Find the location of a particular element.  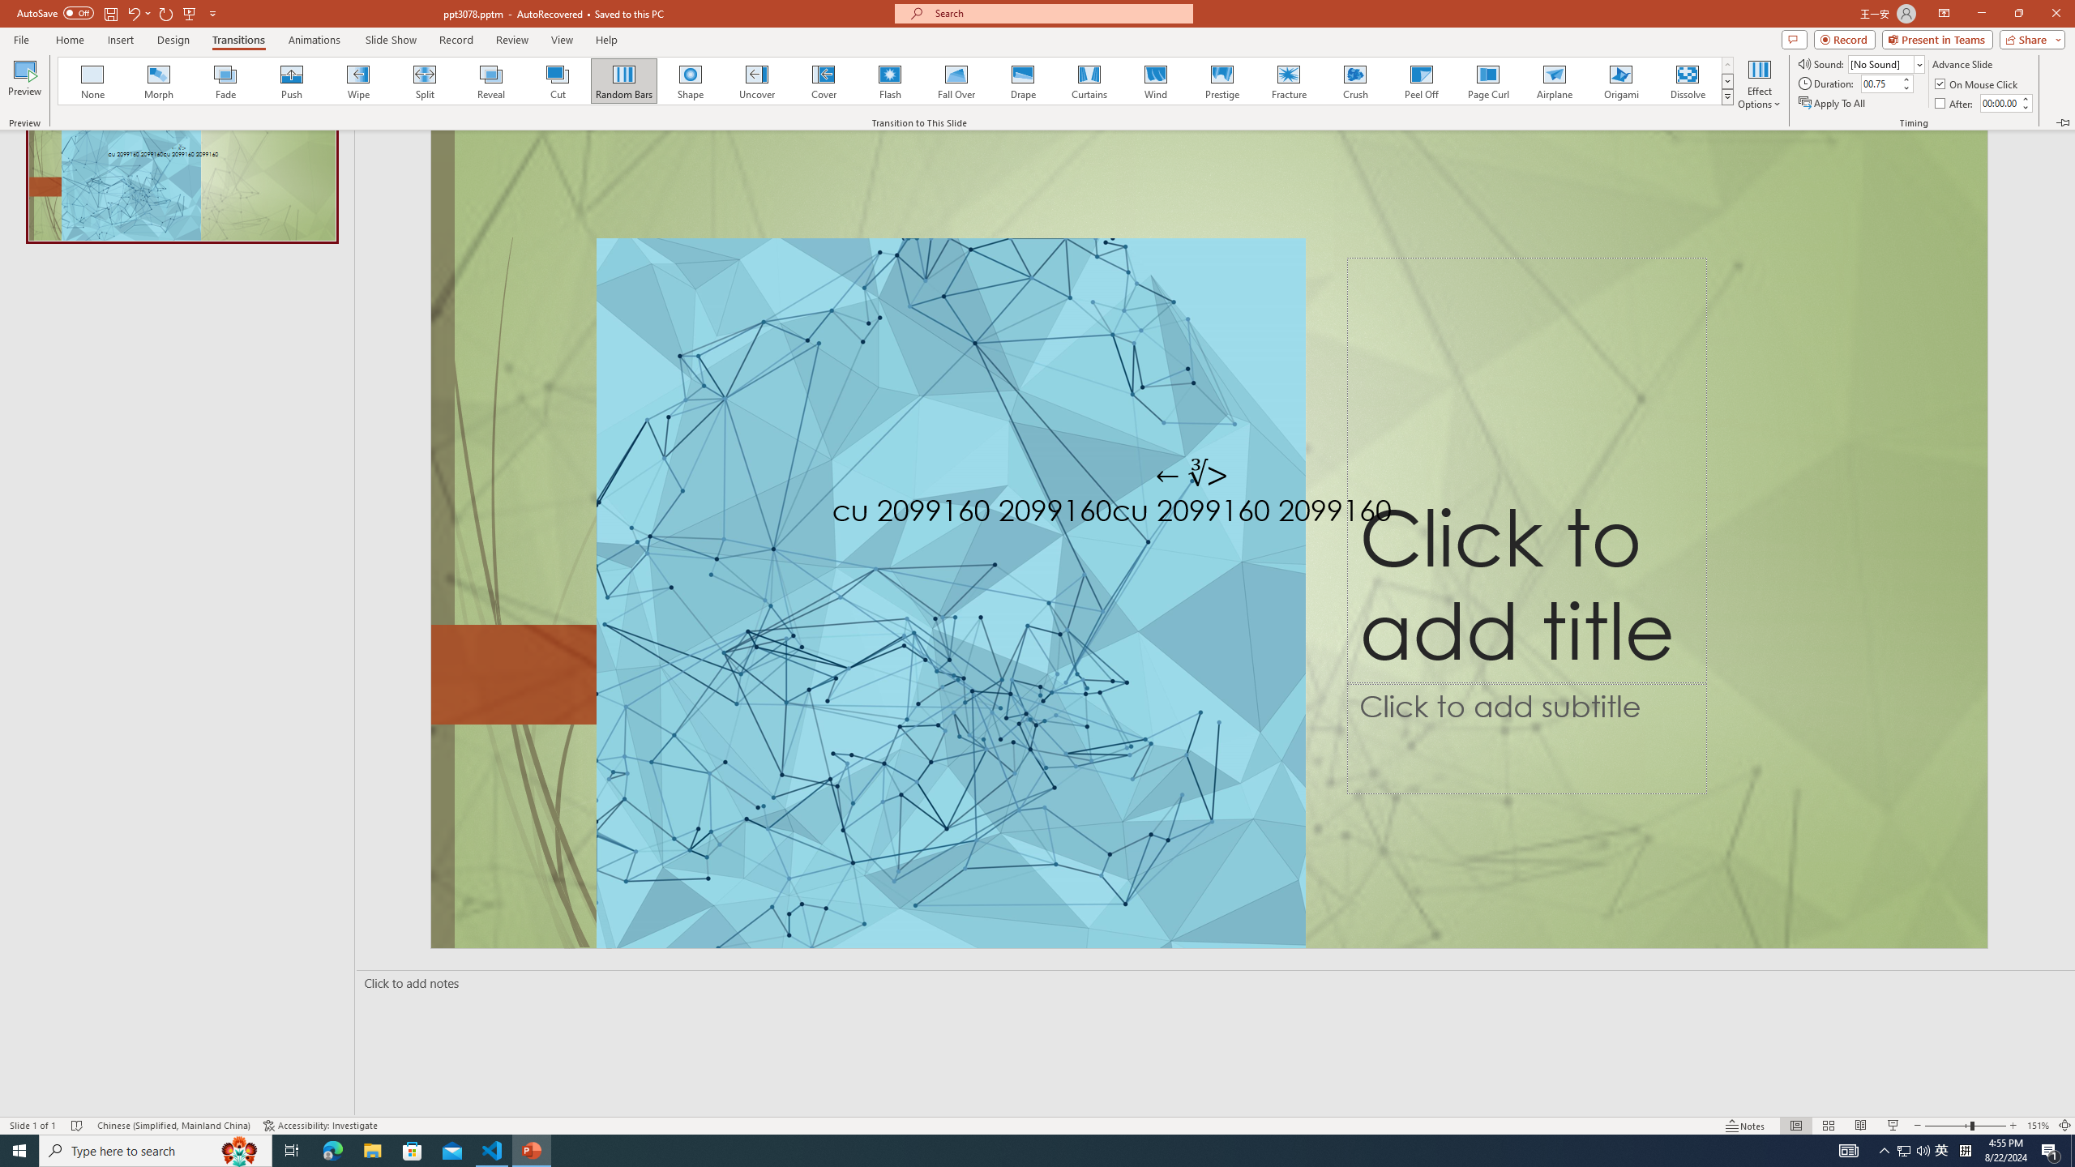

'Zoom 151%' is located at coordinates (2039, 1126).